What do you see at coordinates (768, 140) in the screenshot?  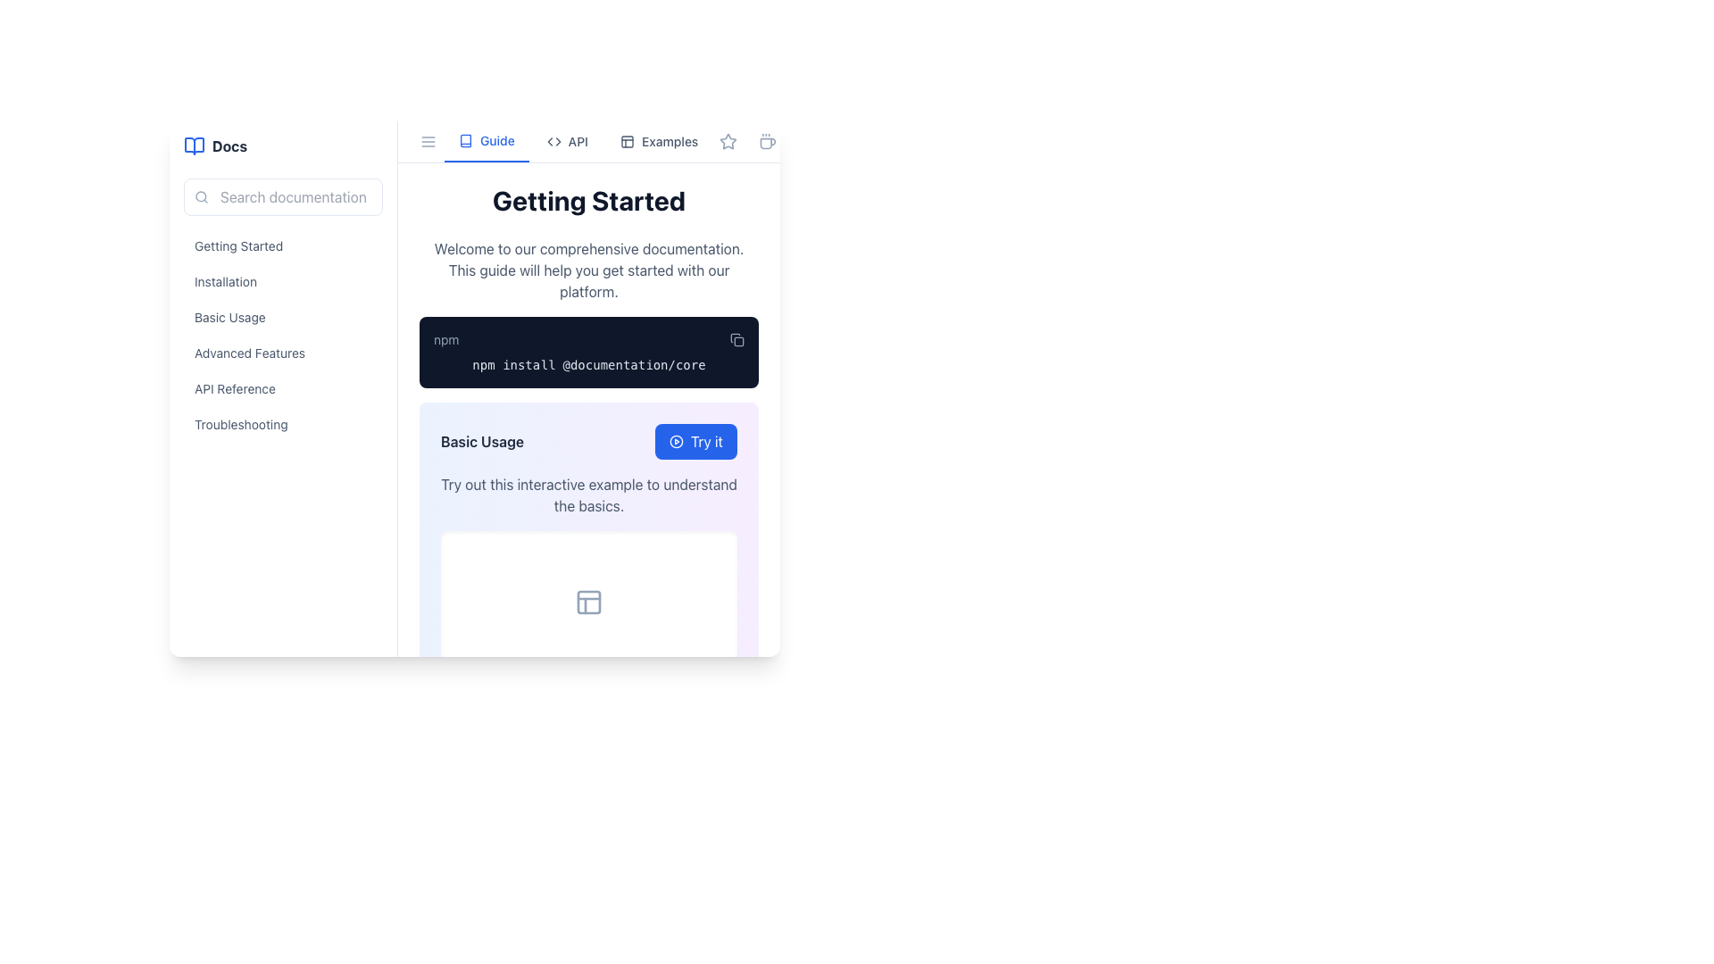 I see `the interactive button located in the top-right section of the interface` at bounding box center [768, 140].